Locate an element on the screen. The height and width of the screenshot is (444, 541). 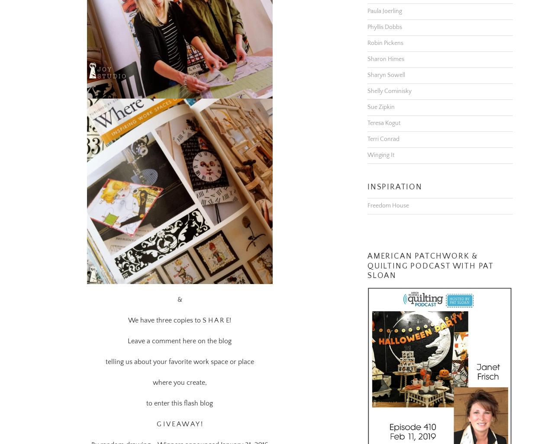
'Terri Conrad' is located at coordinates (367, 128).